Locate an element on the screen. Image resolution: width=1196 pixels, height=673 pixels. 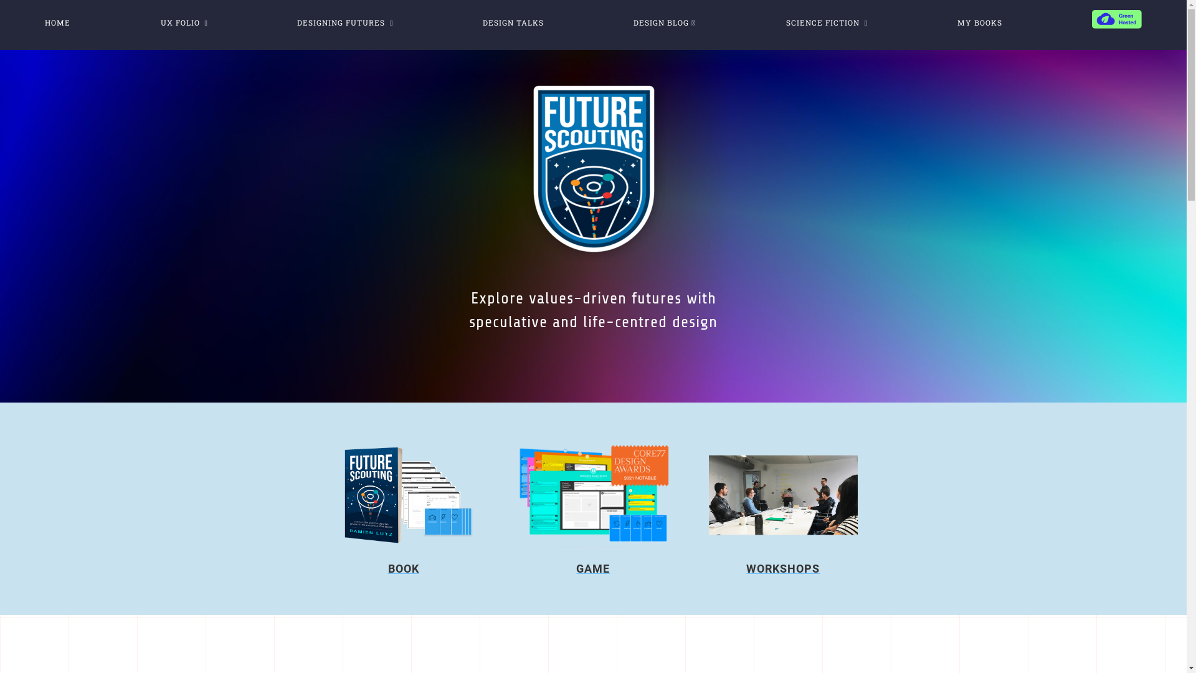
'WORKSHOPS' is located at coordinates (782, 568).